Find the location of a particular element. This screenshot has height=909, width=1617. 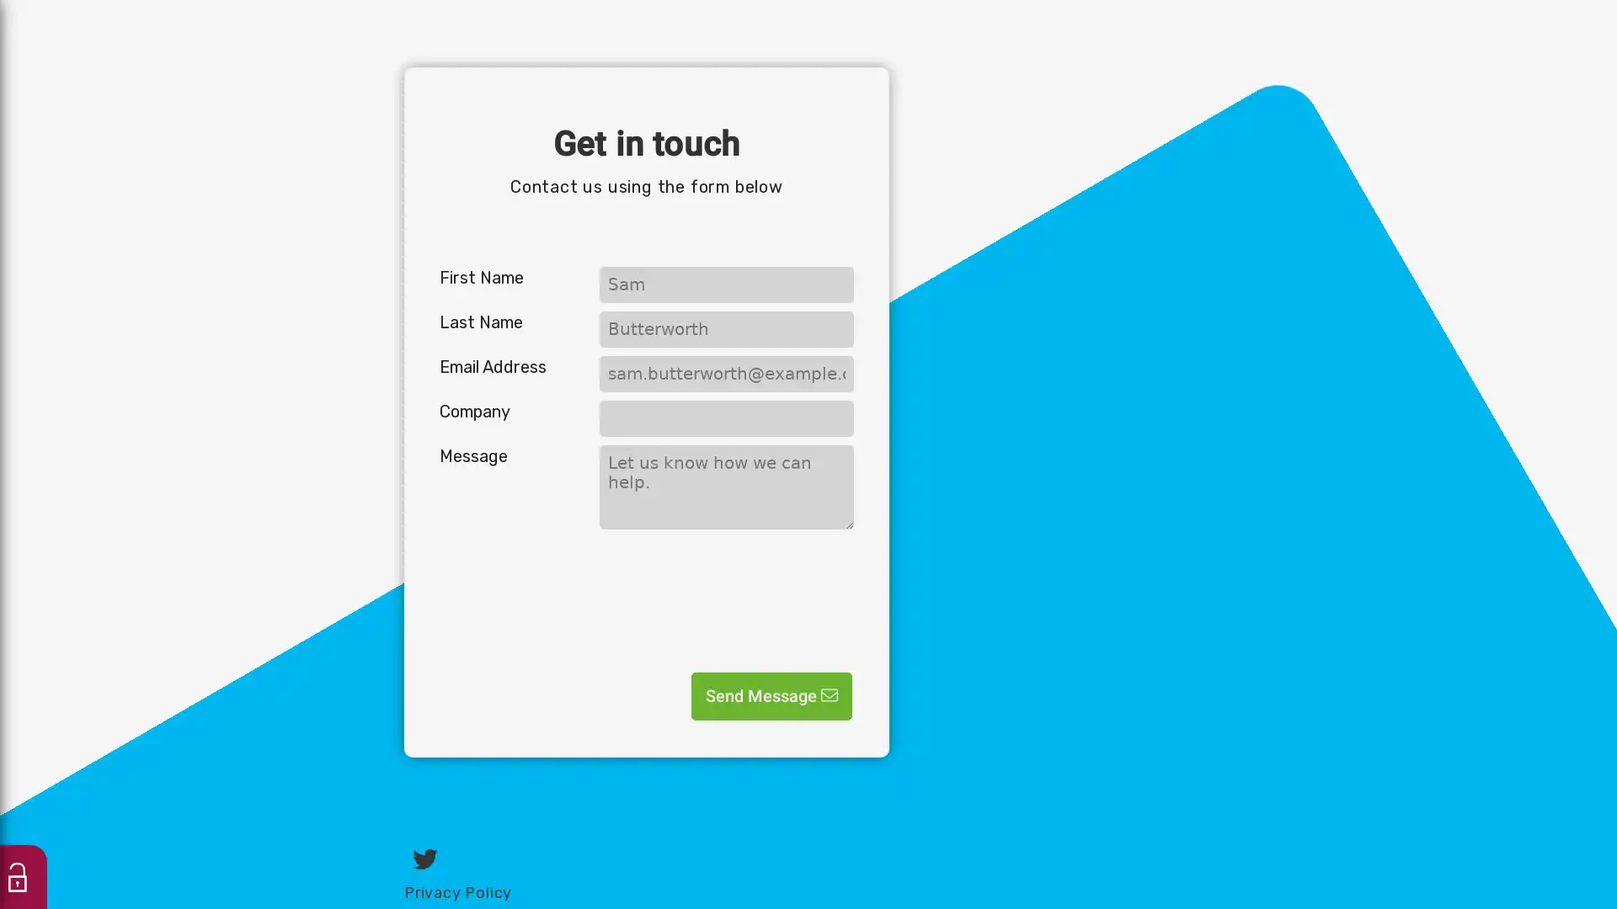

Send Message is located at coordinates (771, 695).